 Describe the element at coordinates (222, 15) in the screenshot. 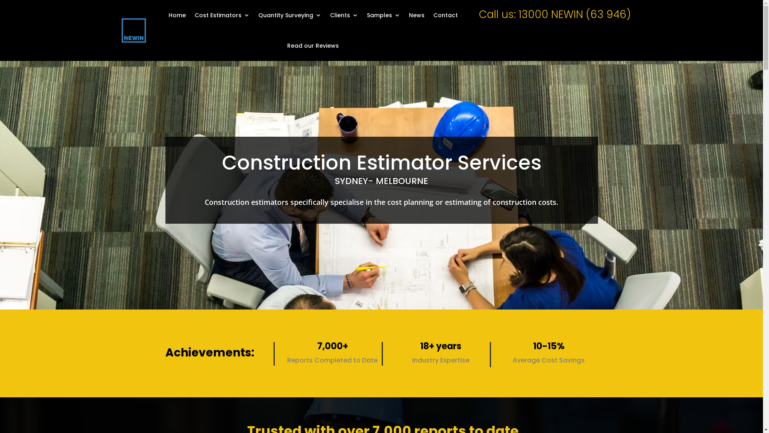

I see `'Cost Estimators'` at that location.